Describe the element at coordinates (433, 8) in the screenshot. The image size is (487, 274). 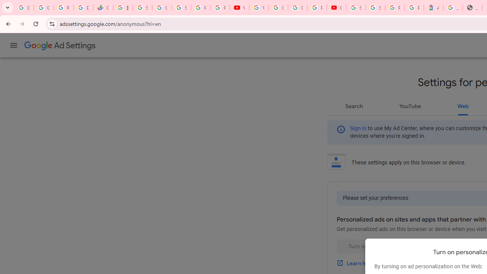
I see `'Atour Hotel - Google hotels'` at that location.